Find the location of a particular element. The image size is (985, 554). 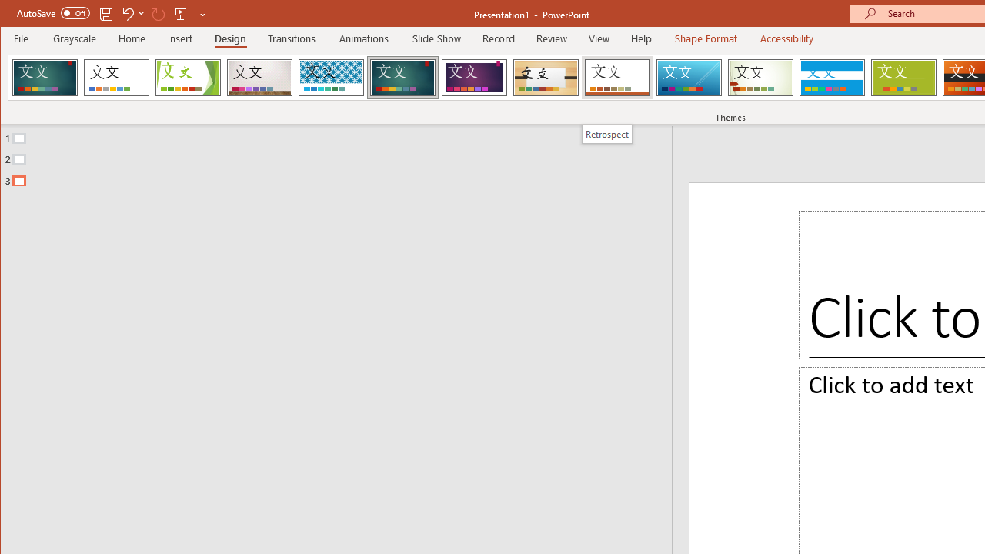

'Ion Boardroom' is located at coordinates (473, 77).